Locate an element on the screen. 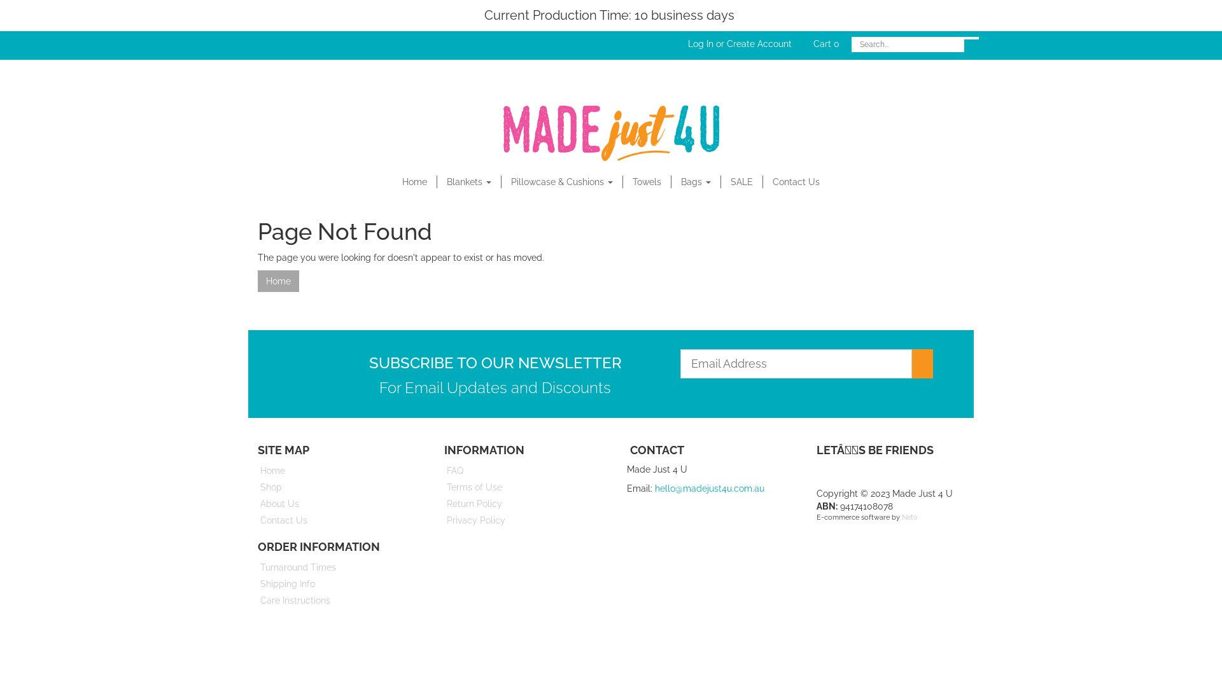 The height and width of the screenshot is (687, 1222). 'Terms of Use' is located at coordinates (522, 487).